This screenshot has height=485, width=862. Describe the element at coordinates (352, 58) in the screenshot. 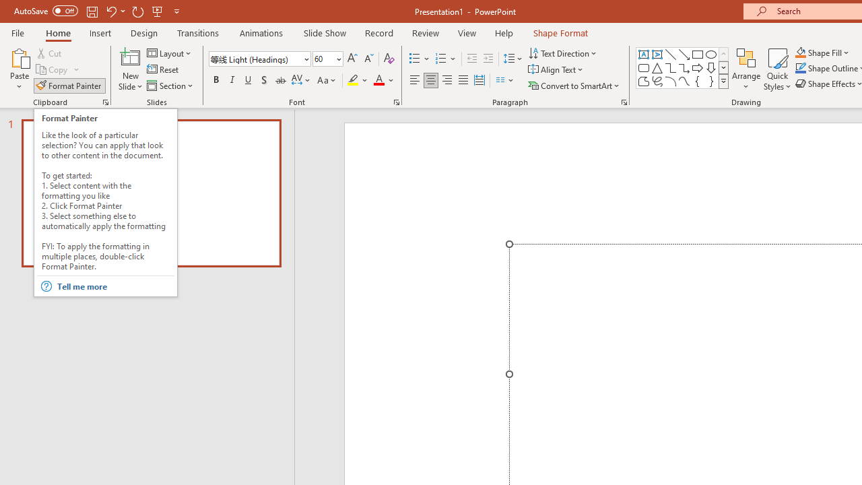

I see `'Increase Font Size'` at that location.